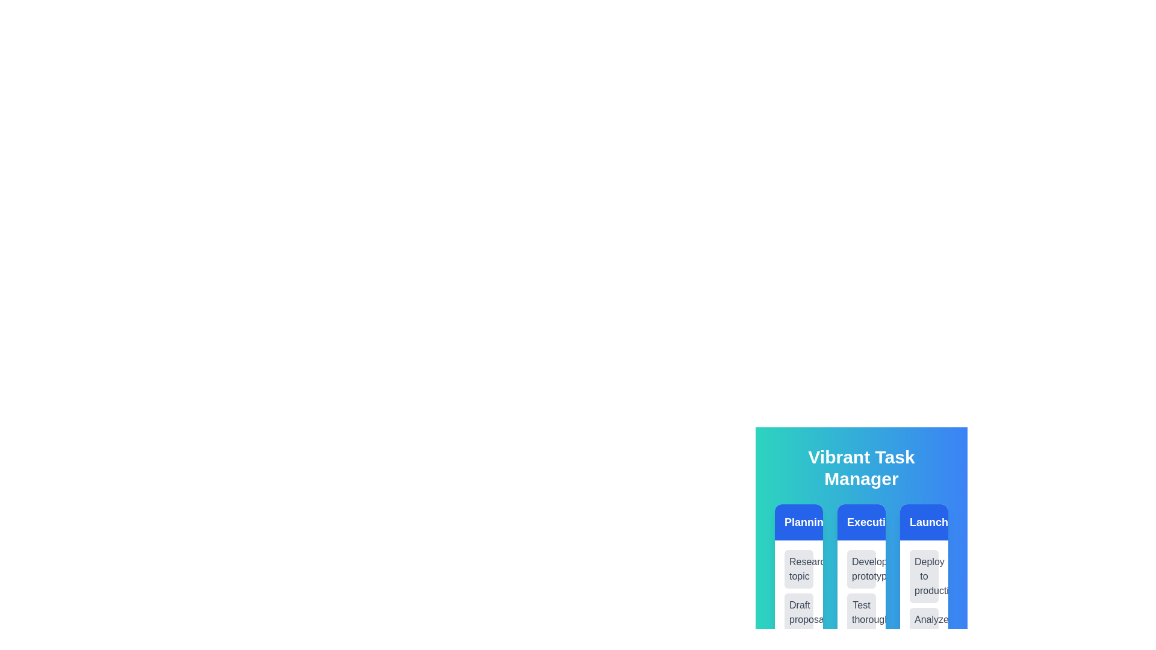  Describe the element at coordinates (798, 569) in the screenshot. I see `the label element that describes a specific task within the 'Planning' section, located above the 'Draft proposal' and below the title area` at that location.